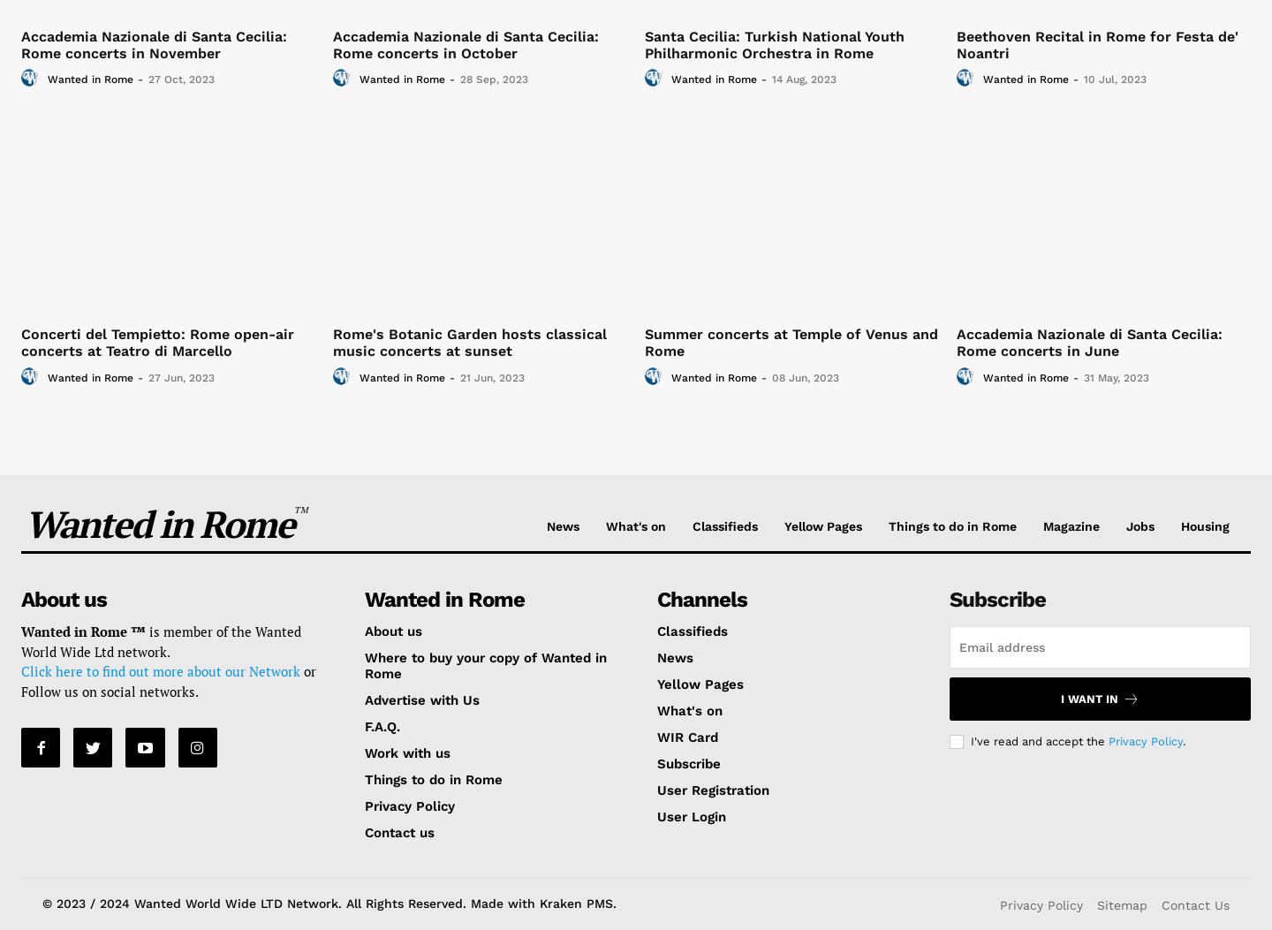 This screenshot has height=930, width=1272. Describe the element at coordinates (156, 343) in the screenshot. I see `'Concerti del Tempietto: Rome open-air concerts at Teatro di Marcello'` at that location.